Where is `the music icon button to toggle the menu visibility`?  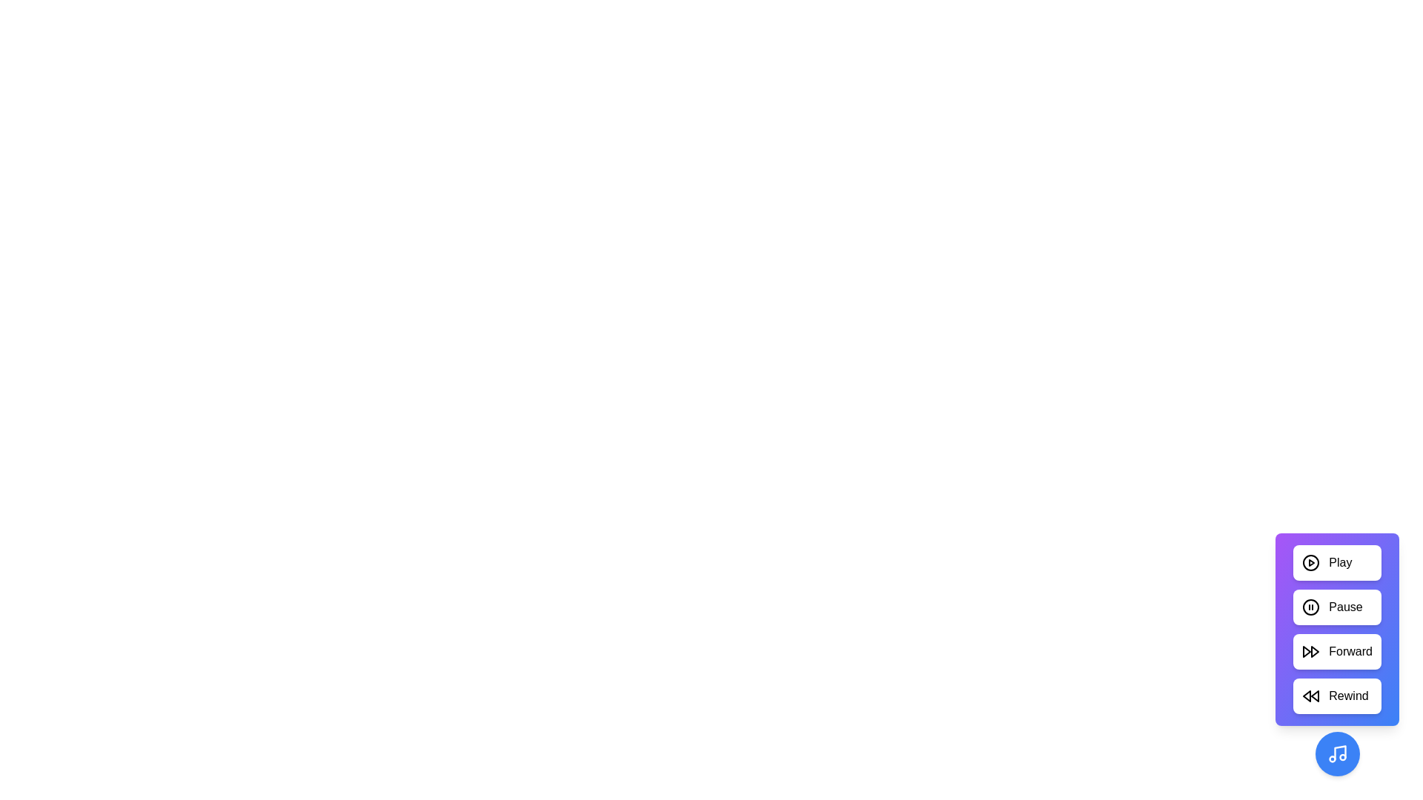
the music icon button to toggle the menu visibility is located at coordinates (1337, 754).